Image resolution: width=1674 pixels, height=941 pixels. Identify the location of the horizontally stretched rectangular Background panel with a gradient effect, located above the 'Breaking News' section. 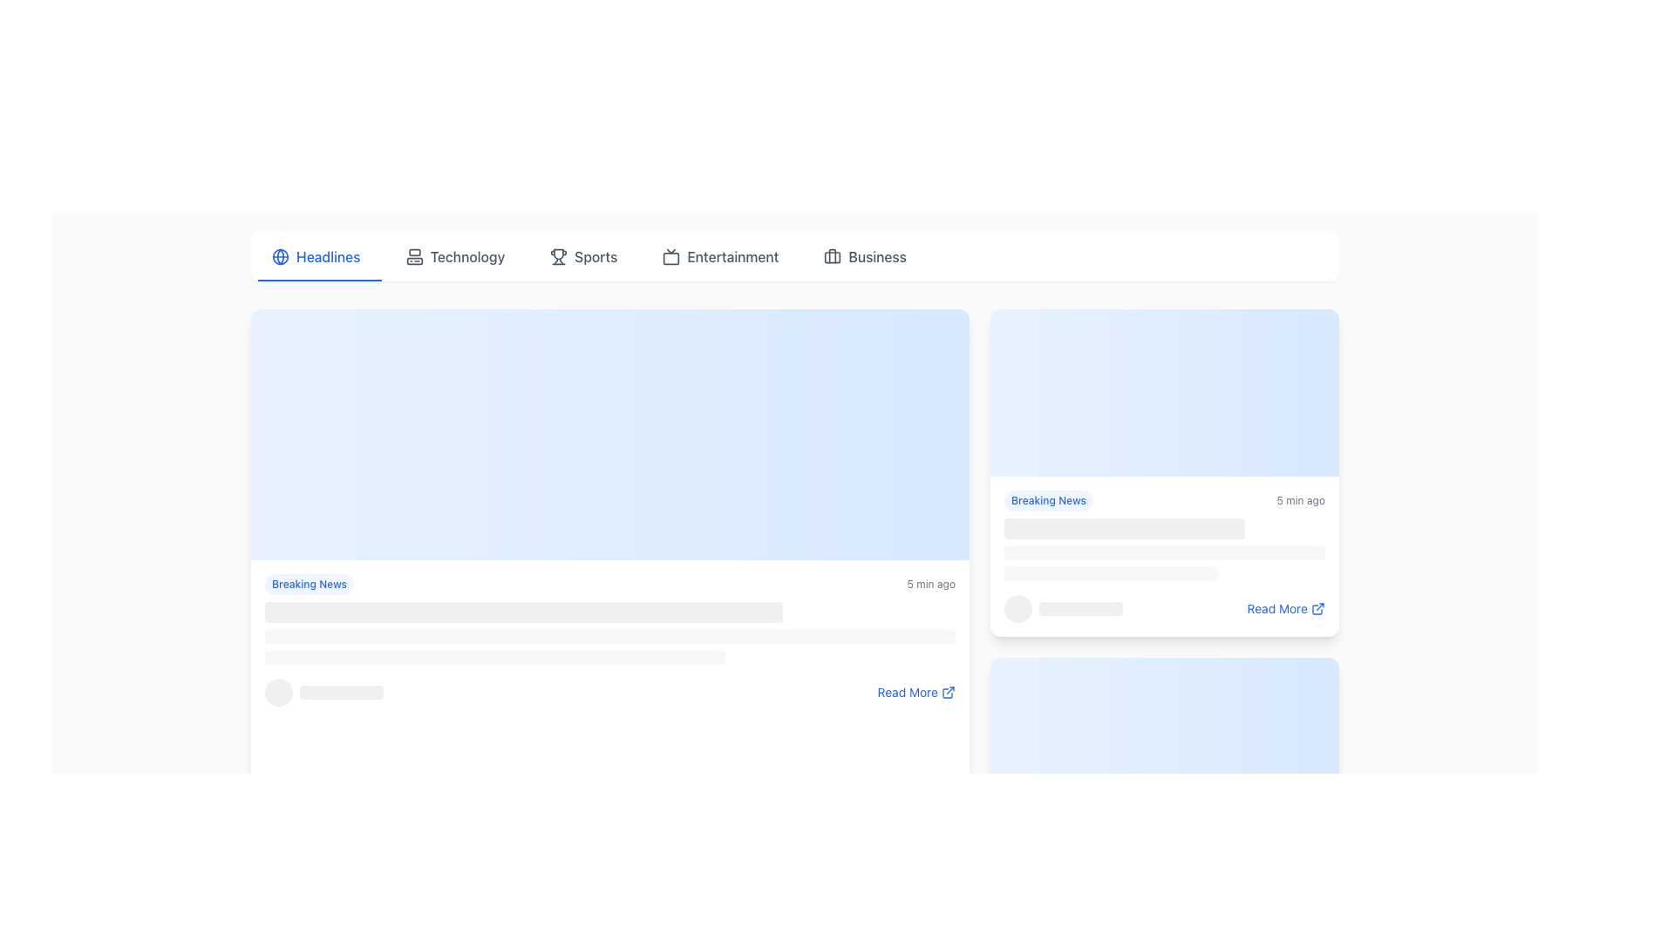
(610, 433).